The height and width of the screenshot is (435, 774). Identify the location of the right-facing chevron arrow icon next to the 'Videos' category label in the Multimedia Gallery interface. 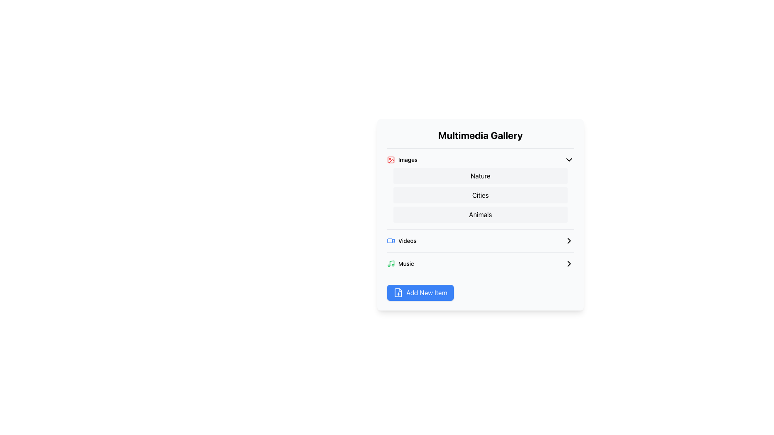
(568, 240).